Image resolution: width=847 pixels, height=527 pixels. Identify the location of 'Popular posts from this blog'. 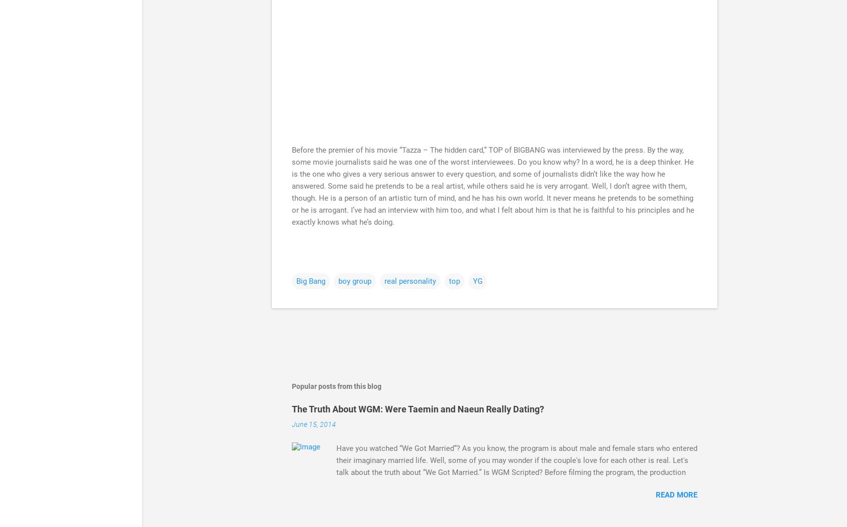
(291, 386).